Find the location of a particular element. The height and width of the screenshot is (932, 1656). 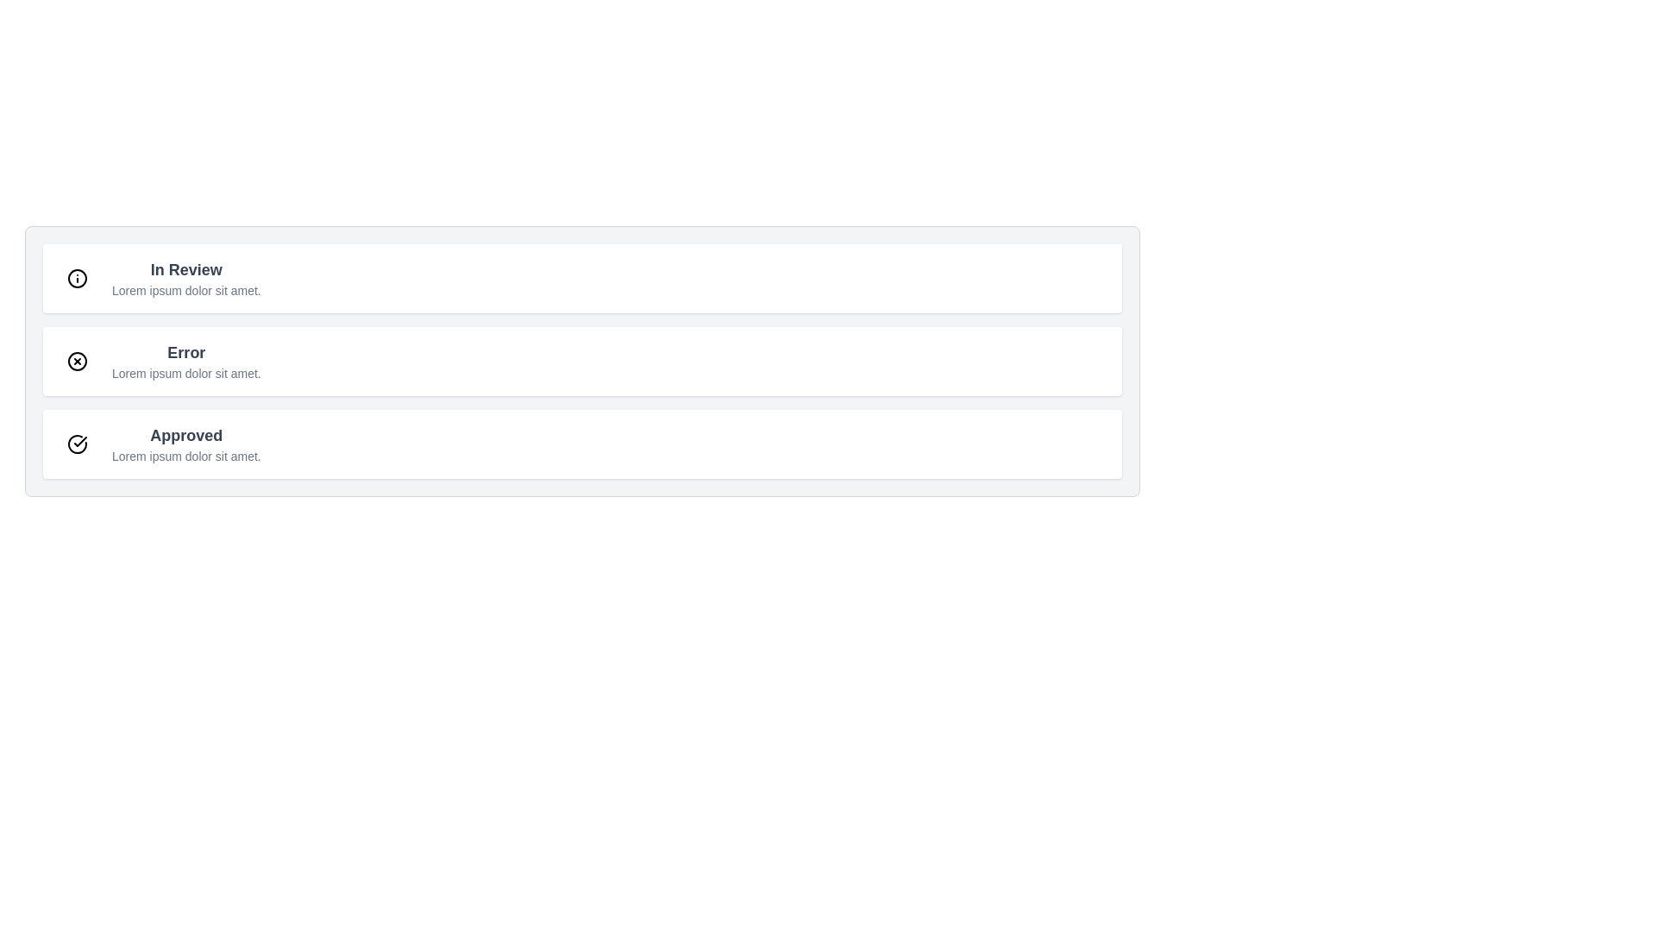

the error icon located in the second row of the list, adjacent to the 'Error' label is located at coordinates (77, 361).